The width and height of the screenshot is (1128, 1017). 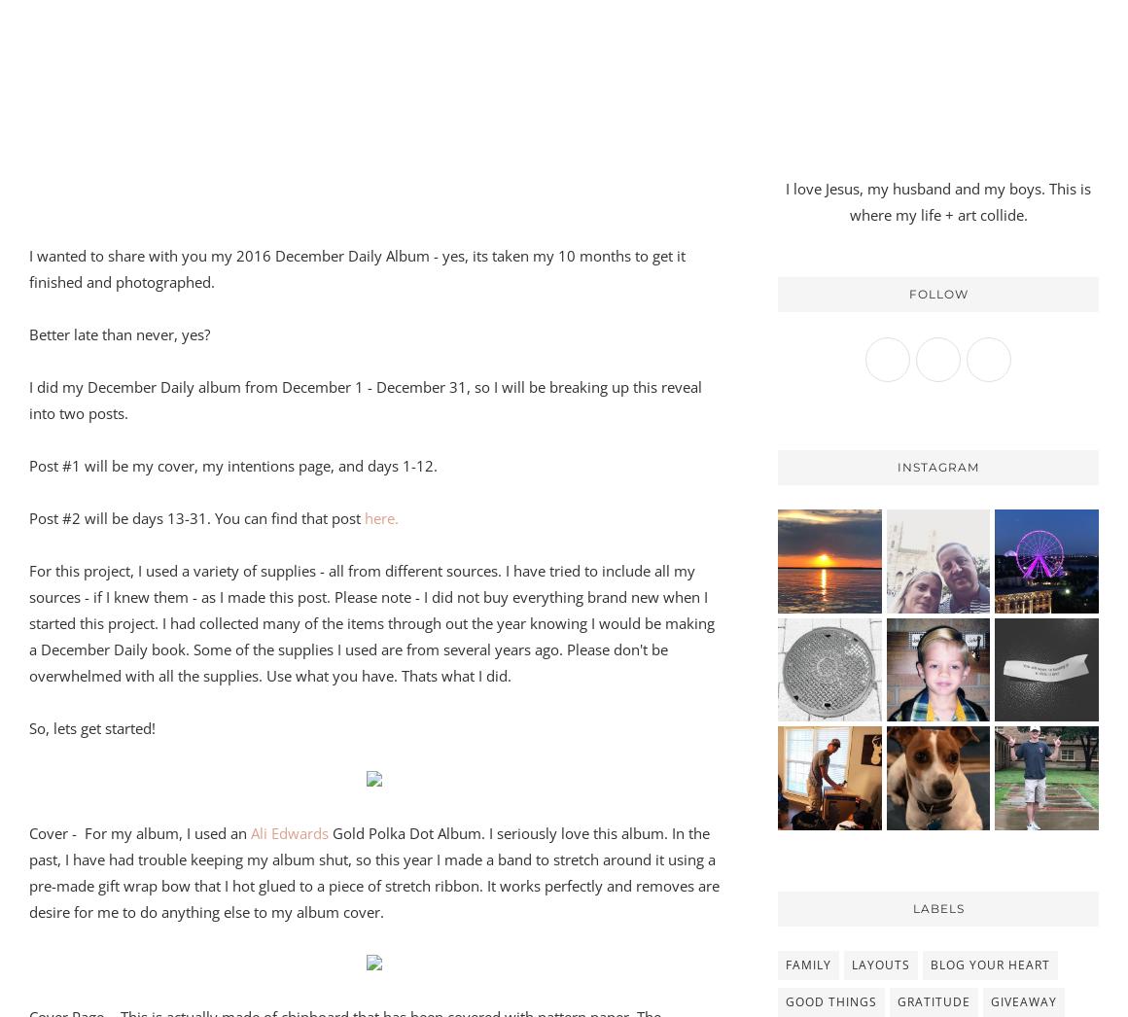 What do you see at coordinates (938, 466) in the screenshot?
I see `'Instagram'` at bounding box center [938, 466].